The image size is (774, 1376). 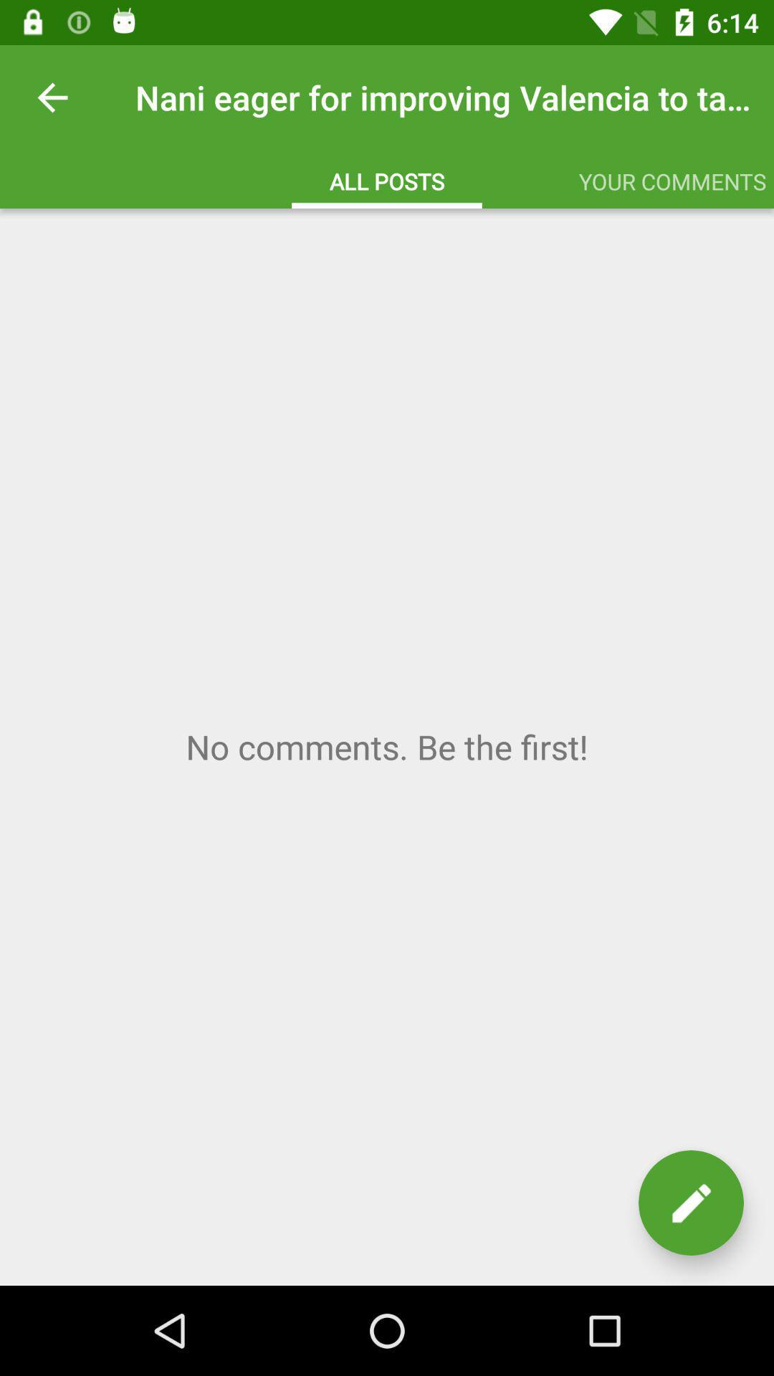 I want to click on edit, so click(x=690, y=1203).